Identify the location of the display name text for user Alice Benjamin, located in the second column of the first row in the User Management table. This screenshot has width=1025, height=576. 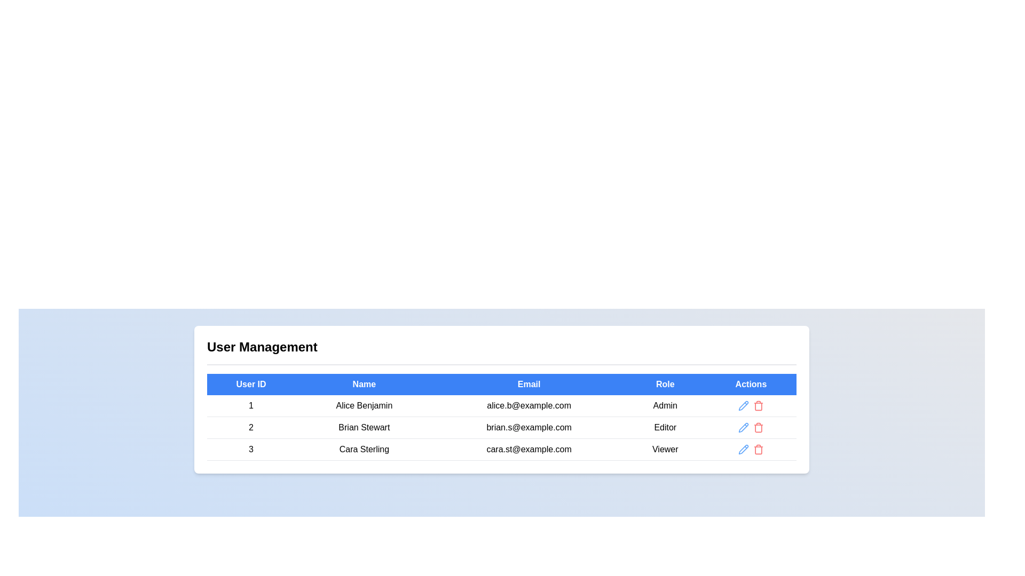
(364, 406).